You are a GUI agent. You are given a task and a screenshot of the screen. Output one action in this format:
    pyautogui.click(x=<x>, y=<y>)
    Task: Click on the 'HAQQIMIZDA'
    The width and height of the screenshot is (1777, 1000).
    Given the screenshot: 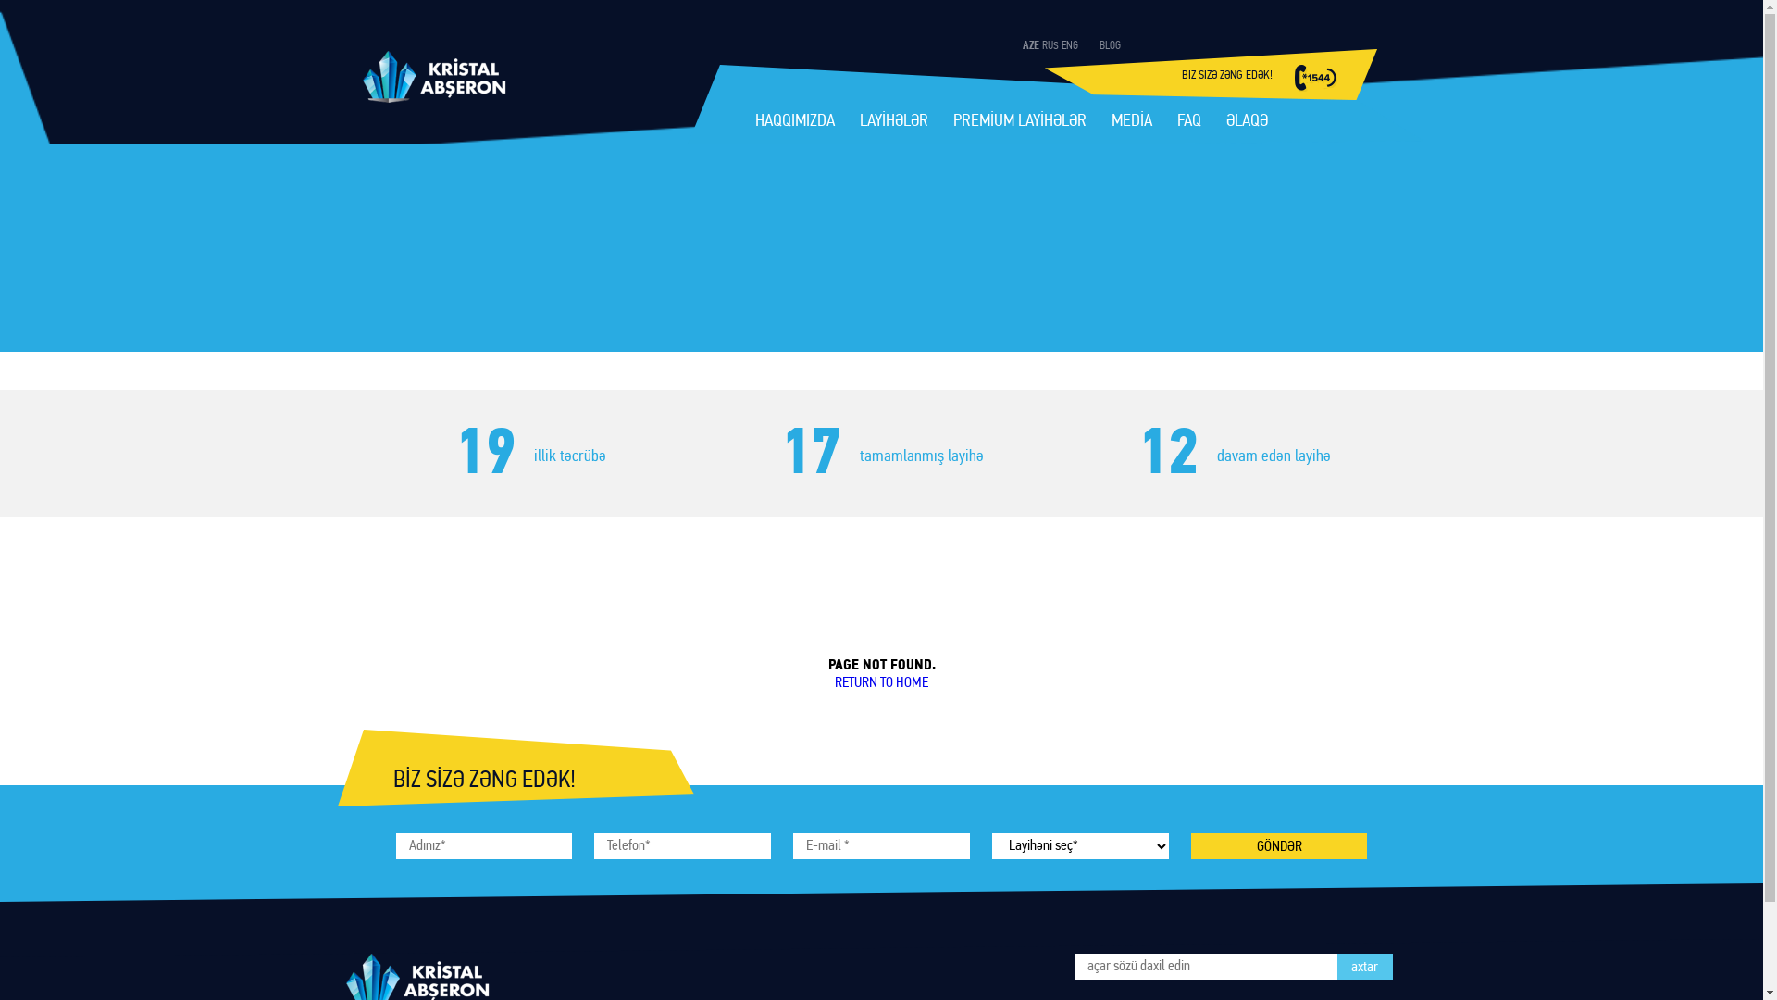 What is the action you would take?
    pyautogui.click(x=755, y=123)
    